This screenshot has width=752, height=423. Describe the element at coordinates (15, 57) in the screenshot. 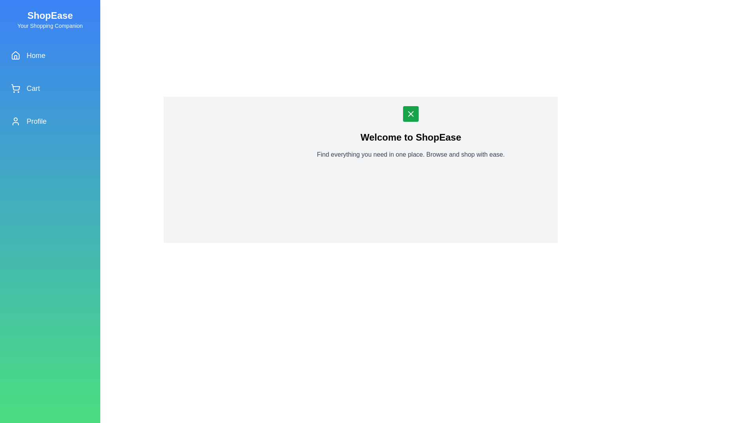

I see `the Home icon located in the left sidebar of the application` at that location.